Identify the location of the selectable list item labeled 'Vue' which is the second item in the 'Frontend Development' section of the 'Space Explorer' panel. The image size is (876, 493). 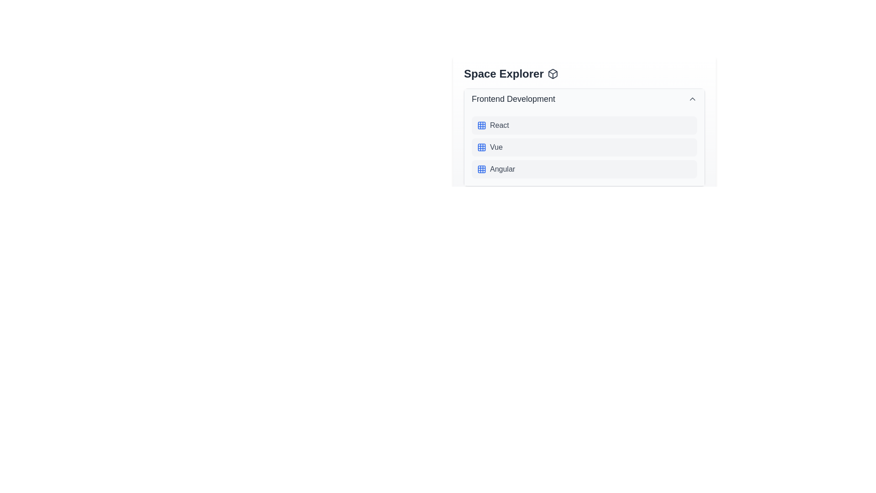
(584, 147).